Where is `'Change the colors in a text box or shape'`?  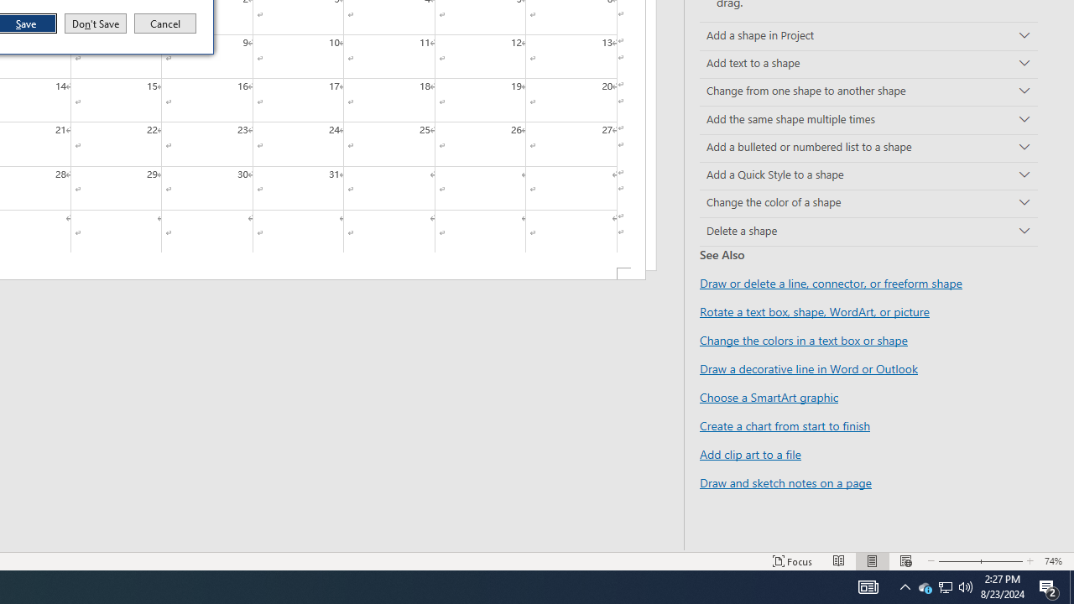
'Change the colors in a text box or shape' is located at coordinates (803, 340).